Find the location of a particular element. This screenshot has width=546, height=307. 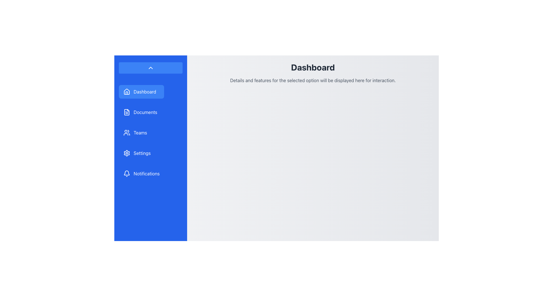

the 'Dashboard' icon located at the top of the navigation sidebar is located at coordinates (127, 91).